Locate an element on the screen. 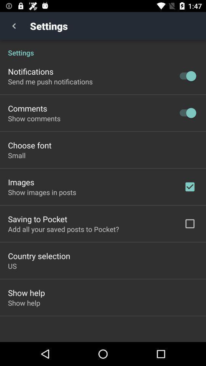 This screenshot has width=206, height=366. the item above choose font icon is located at coordinates (34, 118).